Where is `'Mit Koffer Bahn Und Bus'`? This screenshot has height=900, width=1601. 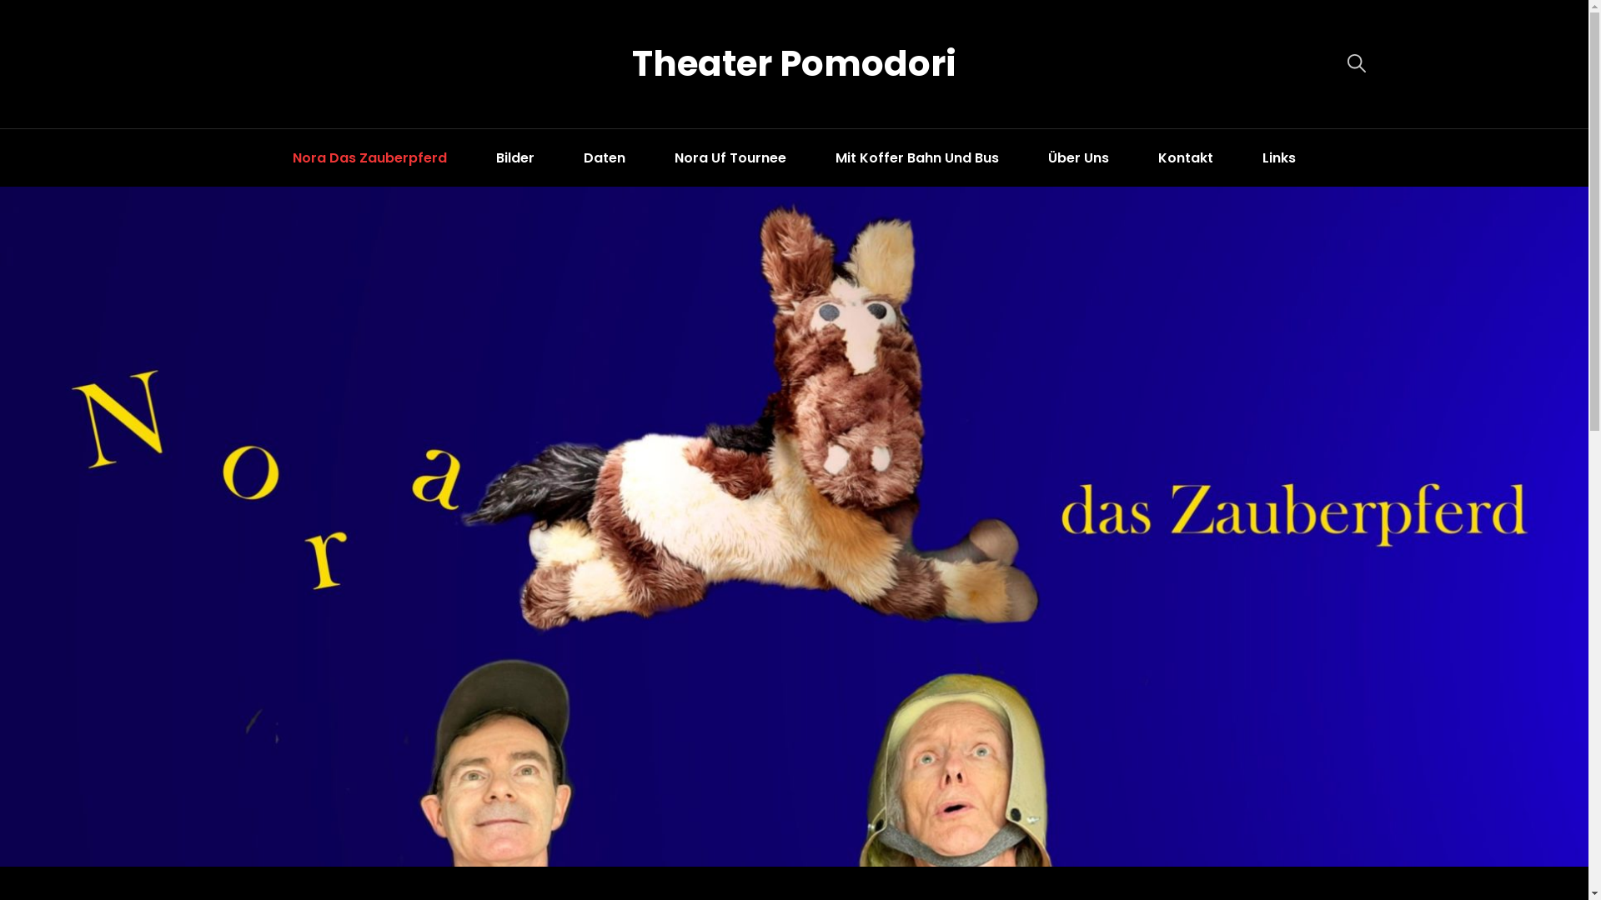 'Mit Koffer Bahn Und Bus' is located at coordinates (916, 157).